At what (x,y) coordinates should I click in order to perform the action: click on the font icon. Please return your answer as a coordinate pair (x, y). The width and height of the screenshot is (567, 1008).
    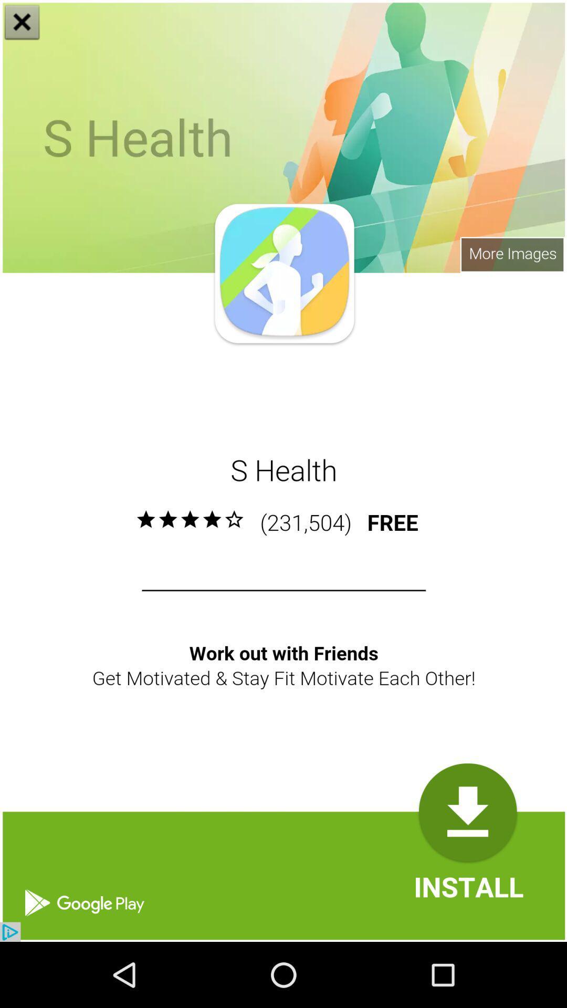
    Looking at the image, I should click on (506, 881).